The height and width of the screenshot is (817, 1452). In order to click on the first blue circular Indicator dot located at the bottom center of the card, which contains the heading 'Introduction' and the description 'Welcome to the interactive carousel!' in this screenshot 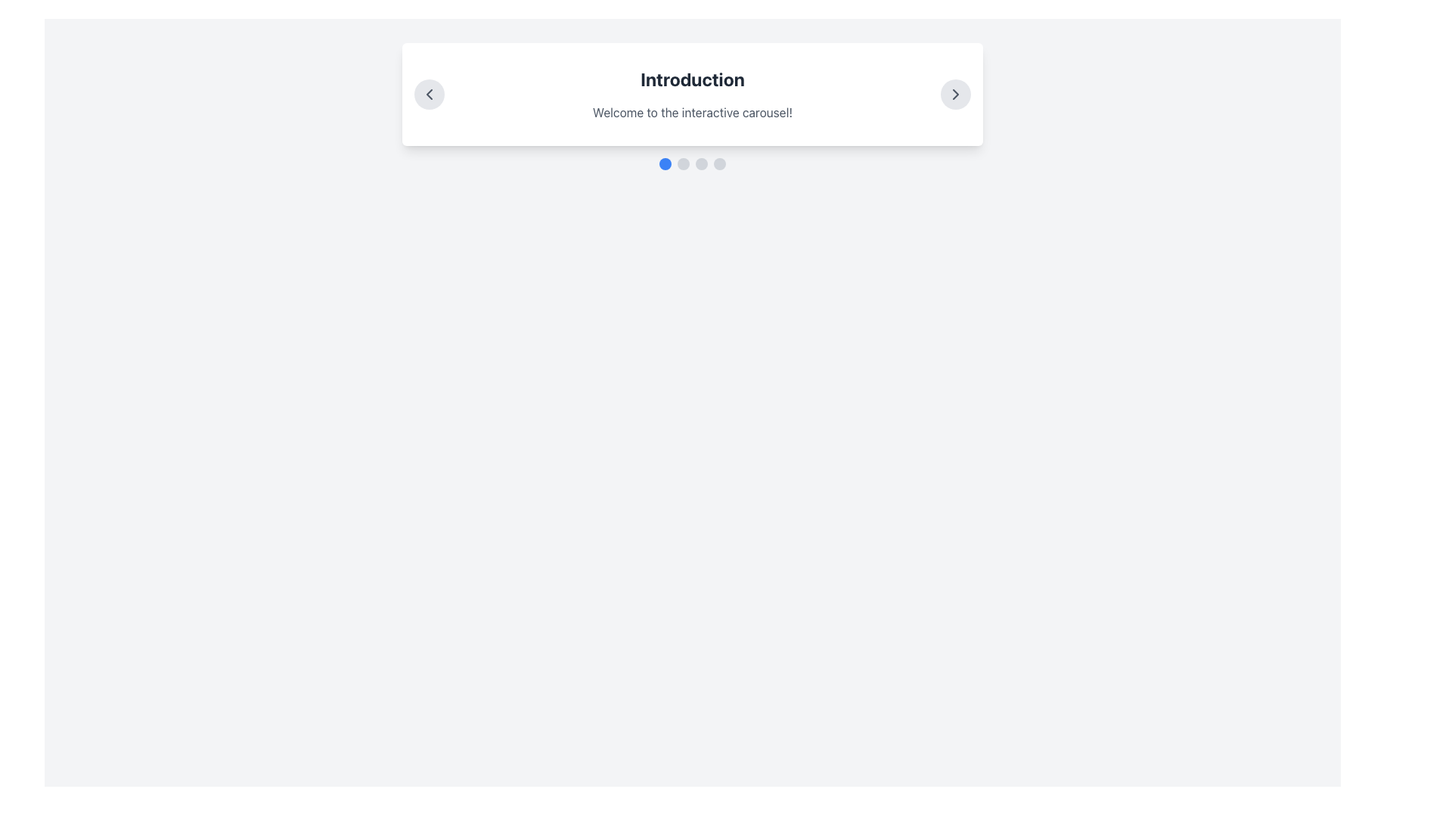, I will do `click(665, 163)`.